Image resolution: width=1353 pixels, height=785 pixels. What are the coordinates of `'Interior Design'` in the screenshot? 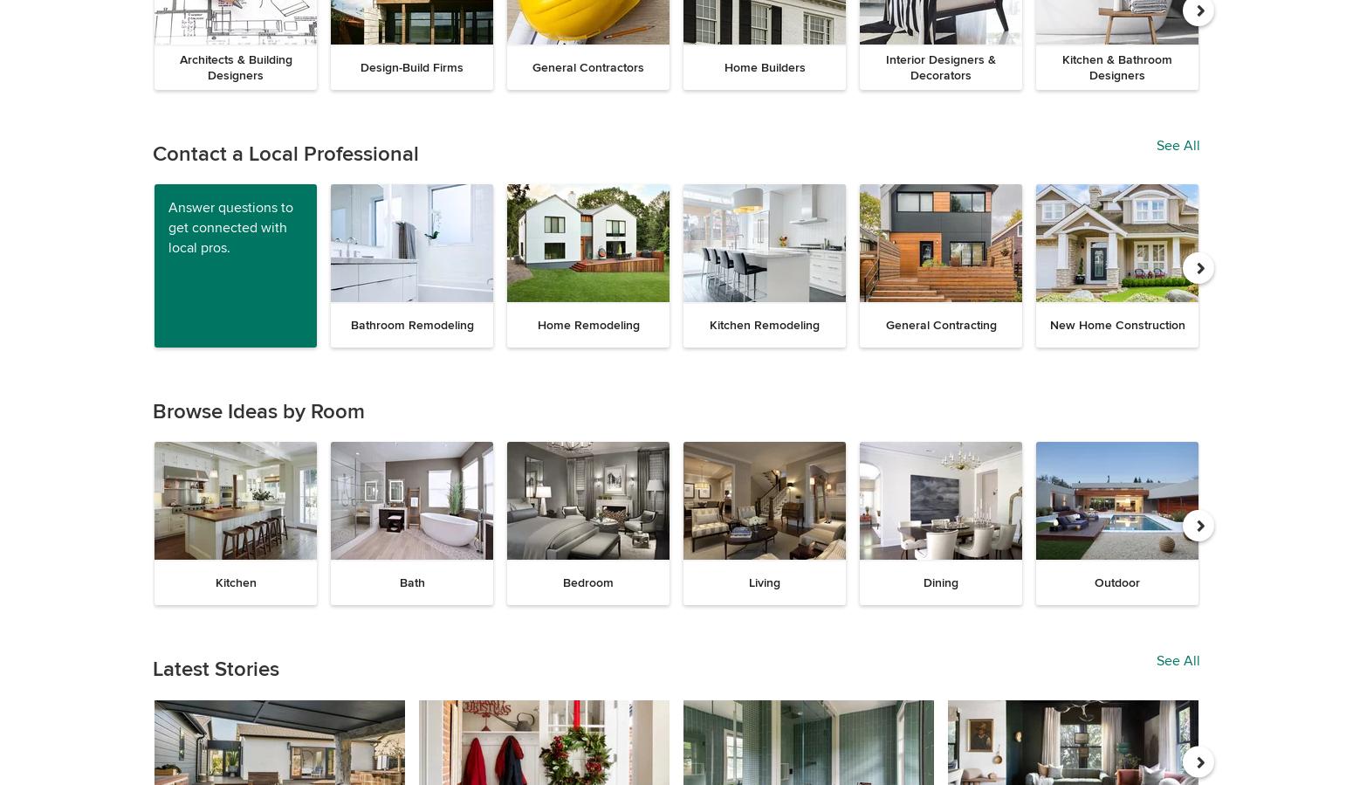 It's located at (1251, 324).